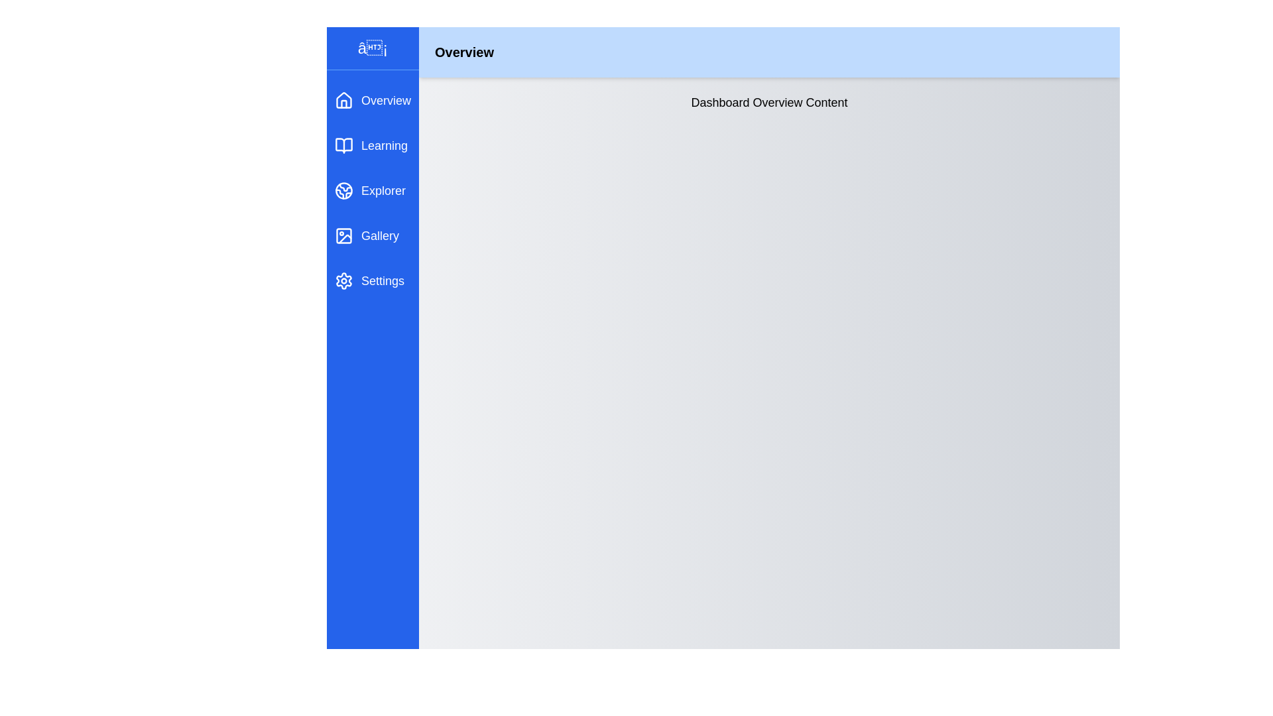  What do you see at coordinates (343, 99) in the screenshot?
I see `the white house icon located at the top of the vertical navigation bar` at bounding box center [343, 99].